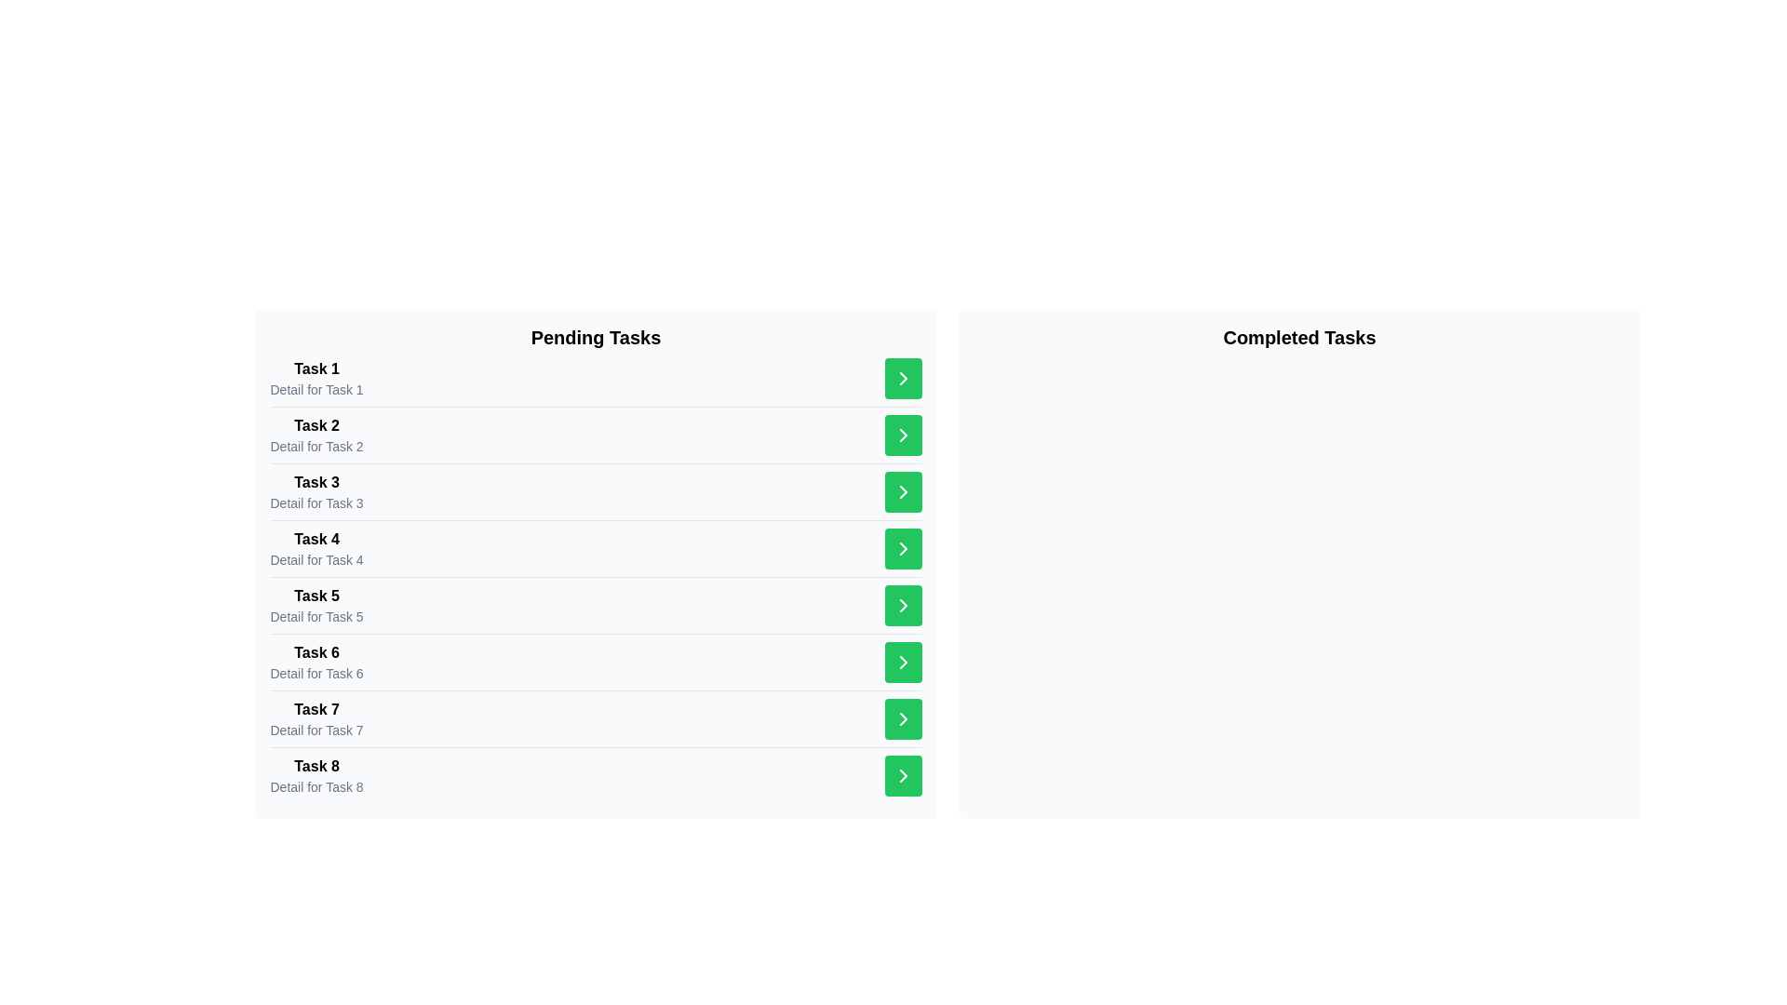 The width and height of the screenshot is (1787, 1005). I want to click on the static text display component that presents information about 'Task 3', located in the 'Pending Tasks' column as the third item in the list, so click(316, 490).